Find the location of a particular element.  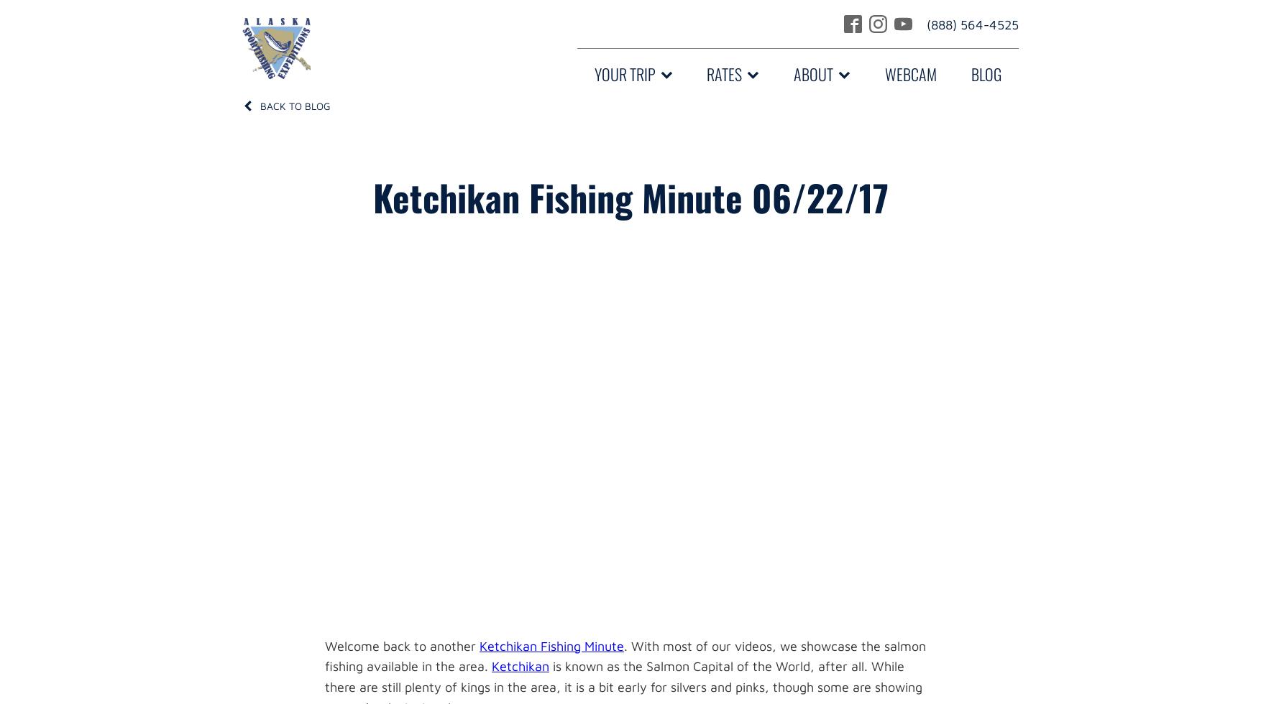

'Specials' is located at coordinates (733, 330).